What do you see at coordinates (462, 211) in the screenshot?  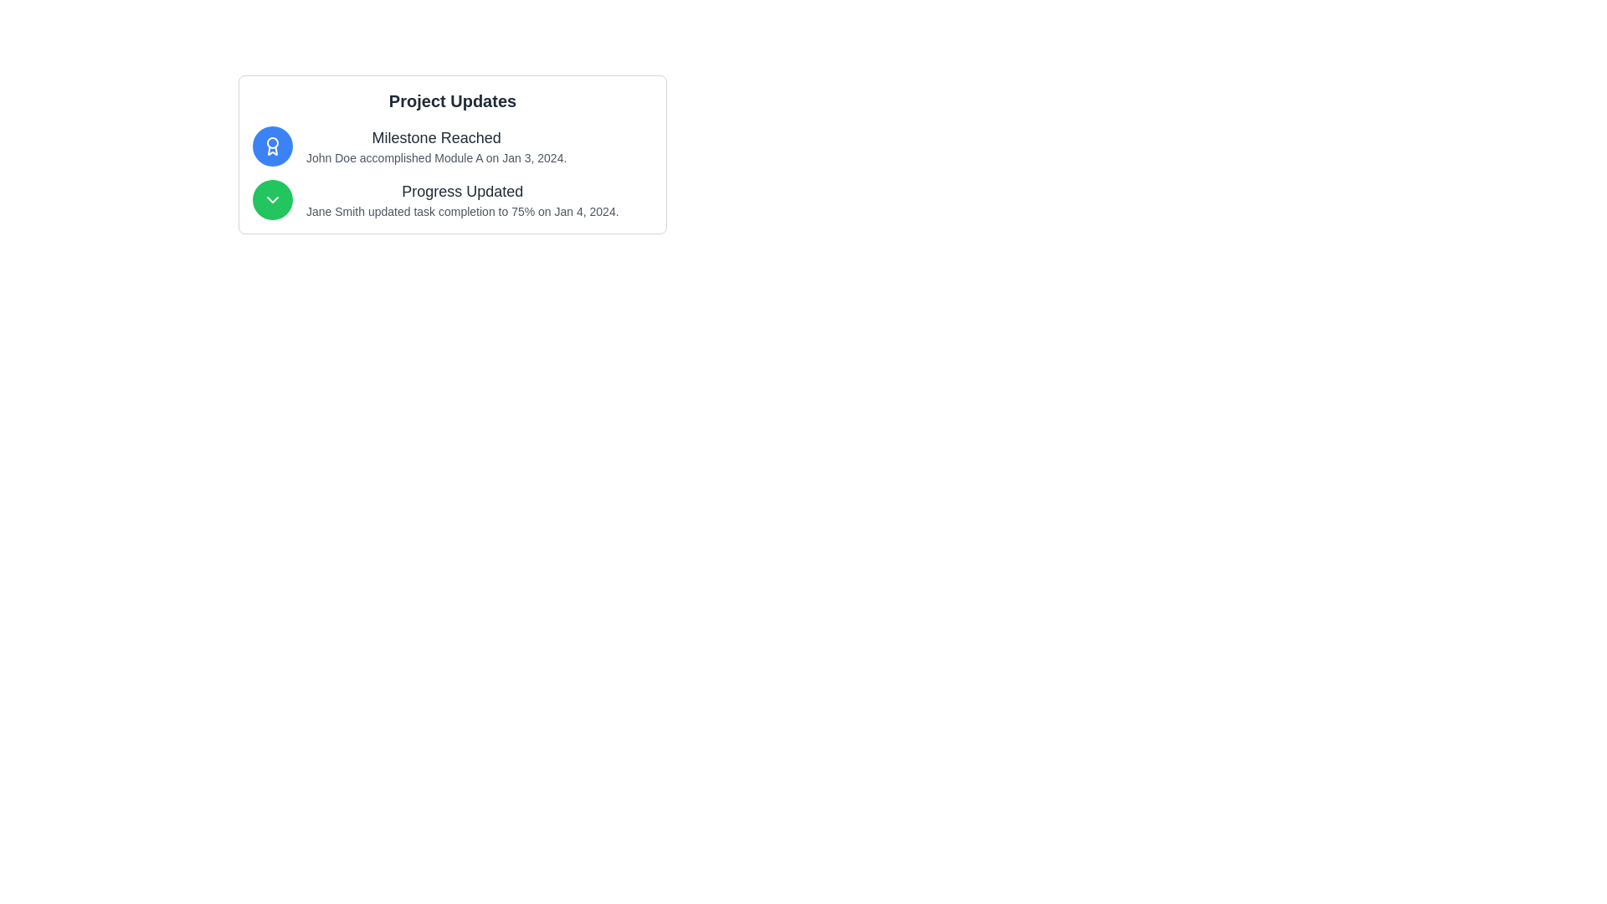 I see `the text phrase 'Jane Smith updated task completion to 75% on Jan 4, 2024.' that is styled in a small gray font, located under the 'Progress Updated' heading in the second update section of the 'Project Updates' area` at bounding box center [462, 211].